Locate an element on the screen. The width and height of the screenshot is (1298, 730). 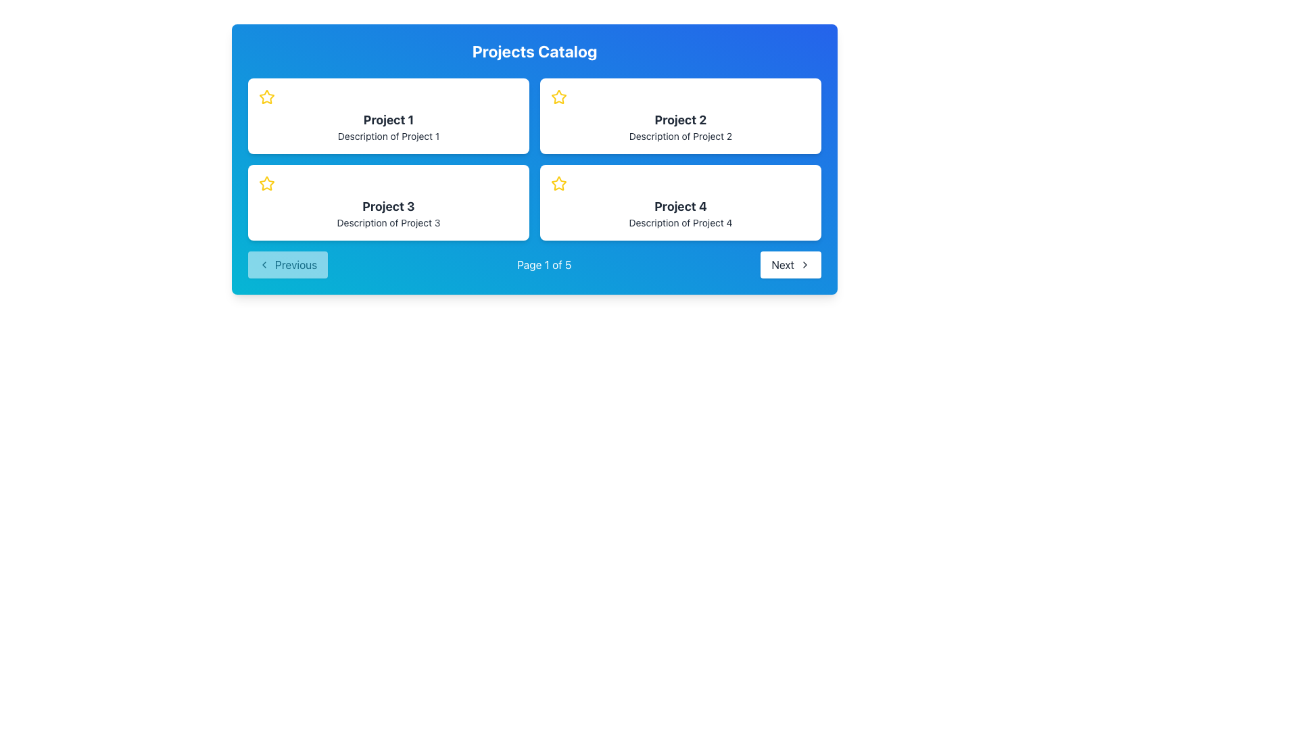
the left-pointing chevron icon located inside the 'Previous' button is located at coordinates (264, 265).